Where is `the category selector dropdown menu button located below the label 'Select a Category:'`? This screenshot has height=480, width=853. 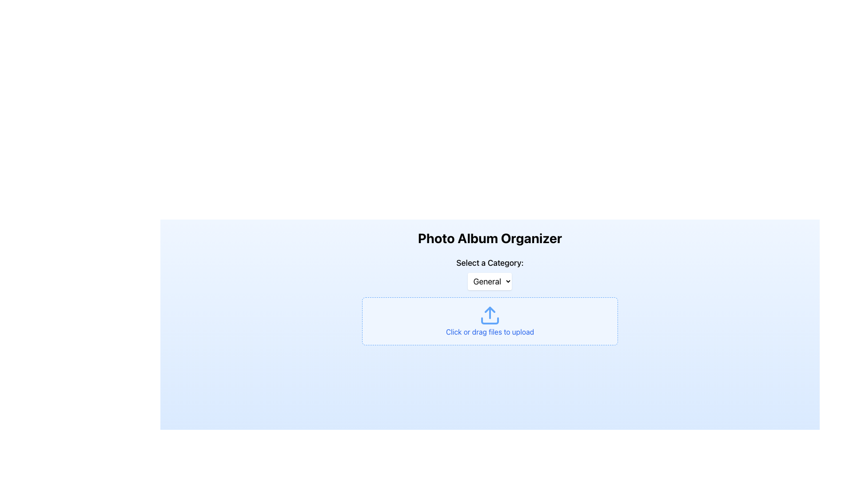
the category selector dropdown menu button located below the label 'Select a Category:' is located at coordinates (490, 281).